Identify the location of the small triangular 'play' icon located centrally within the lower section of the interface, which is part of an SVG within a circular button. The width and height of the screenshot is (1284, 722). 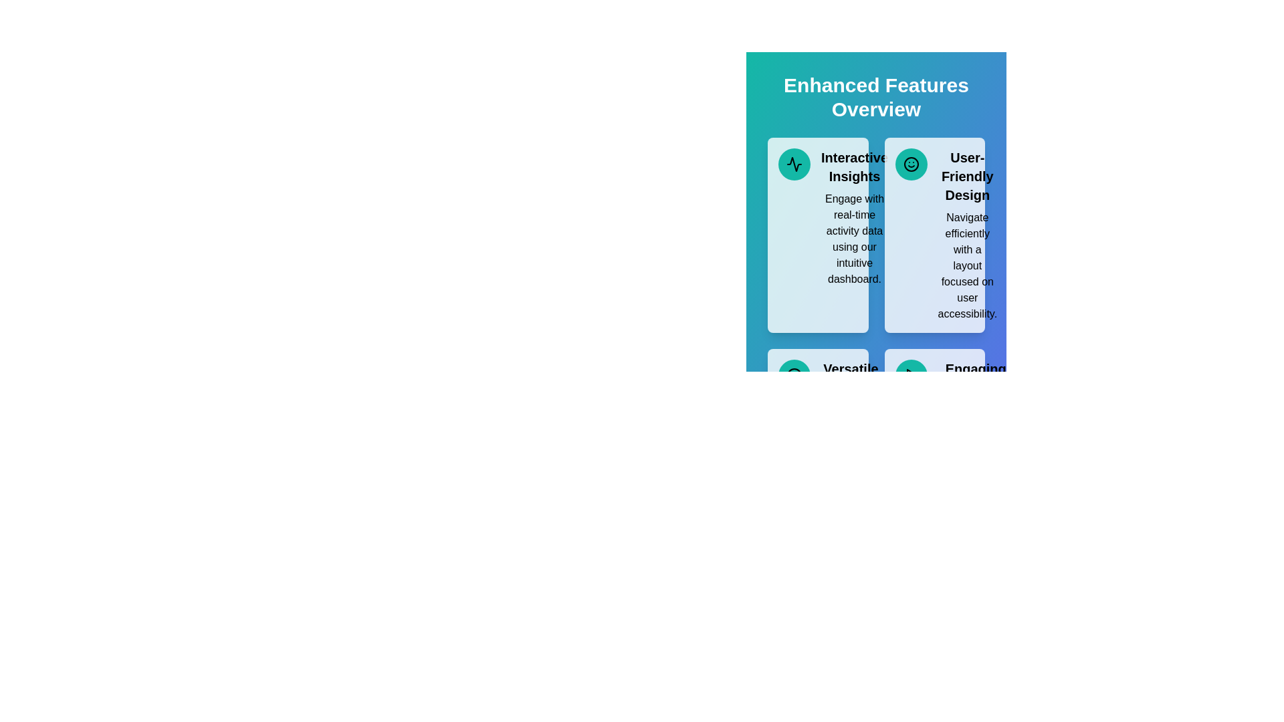
(911, 376).